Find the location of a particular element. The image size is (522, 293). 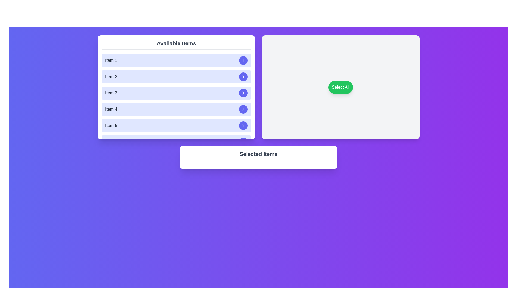

the rightward-pointing chevron icon within the circular button located next to 'Item 3' in the 'Available Items' list to initiate an action is located at coordinates (243, 93).